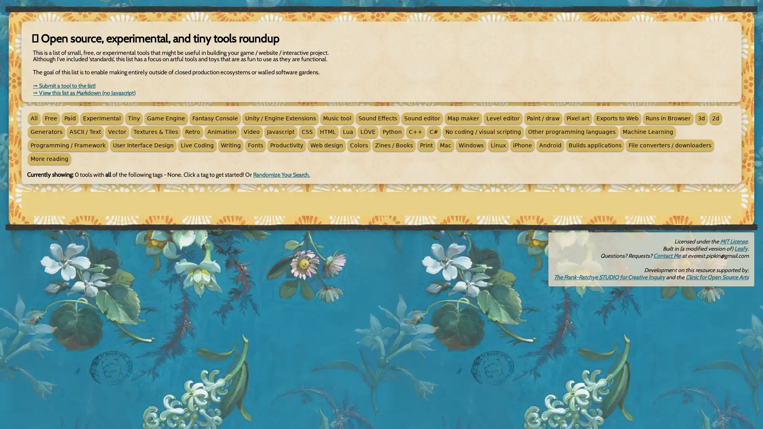 The height and width of the screenshot is (429, 763). Describe the element at coordinates (445, 145) in the screenshot. I see `Mac` at that location.